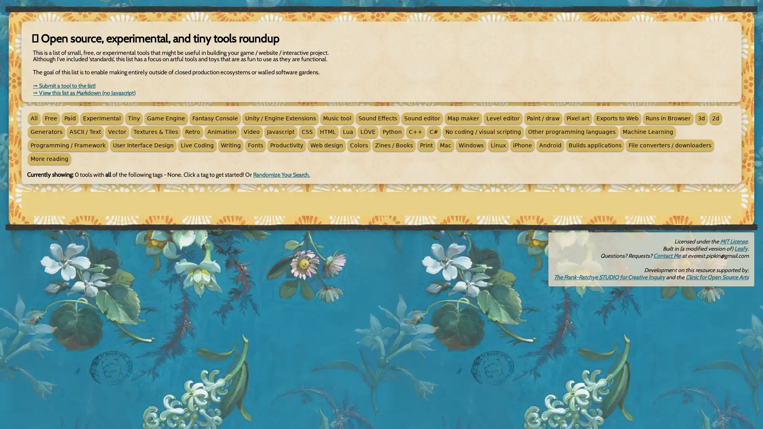 The height and width of the screenshot is (429, 763). Describe the element at coordinates (445, 145) in the screenshot. I see `Mac` at that location.